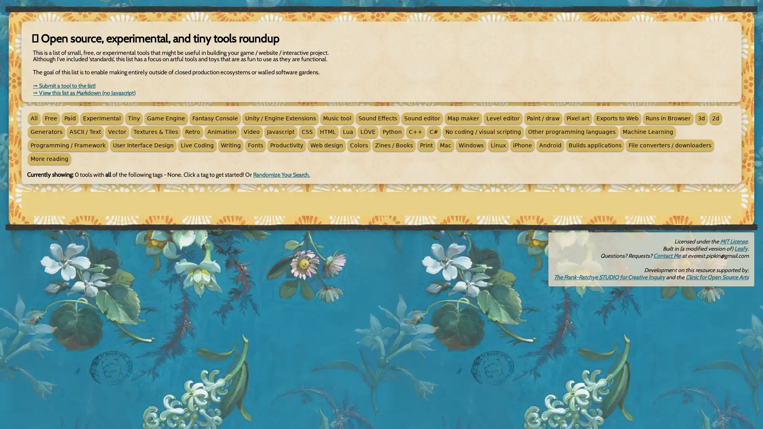 The height and width of the screenshot is (429, 763). Describe the element at coordinates (445, 145) in the screenshot. I see `Mac` at that location.